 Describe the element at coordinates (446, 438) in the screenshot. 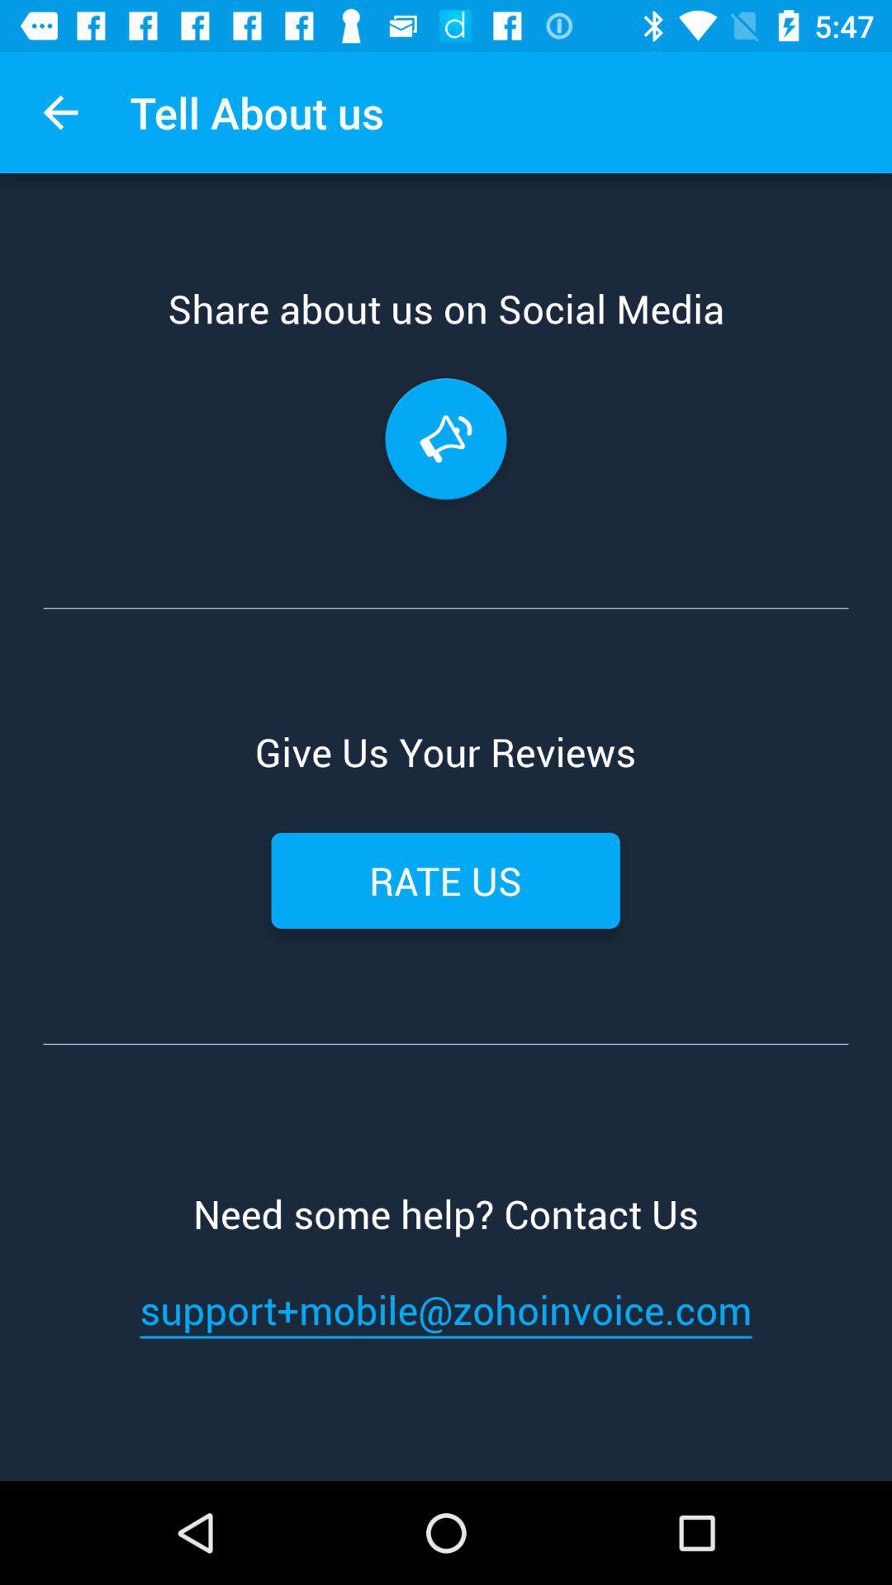

I see `the volume icon` at that location.